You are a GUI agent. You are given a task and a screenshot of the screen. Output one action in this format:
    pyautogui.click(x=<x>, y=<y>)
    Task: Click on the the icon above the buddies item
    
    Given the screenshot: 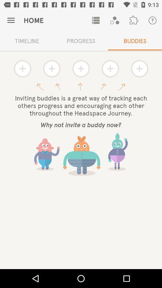 What is the action you would take?
    pyautogui.click(x=152, y=20)
    